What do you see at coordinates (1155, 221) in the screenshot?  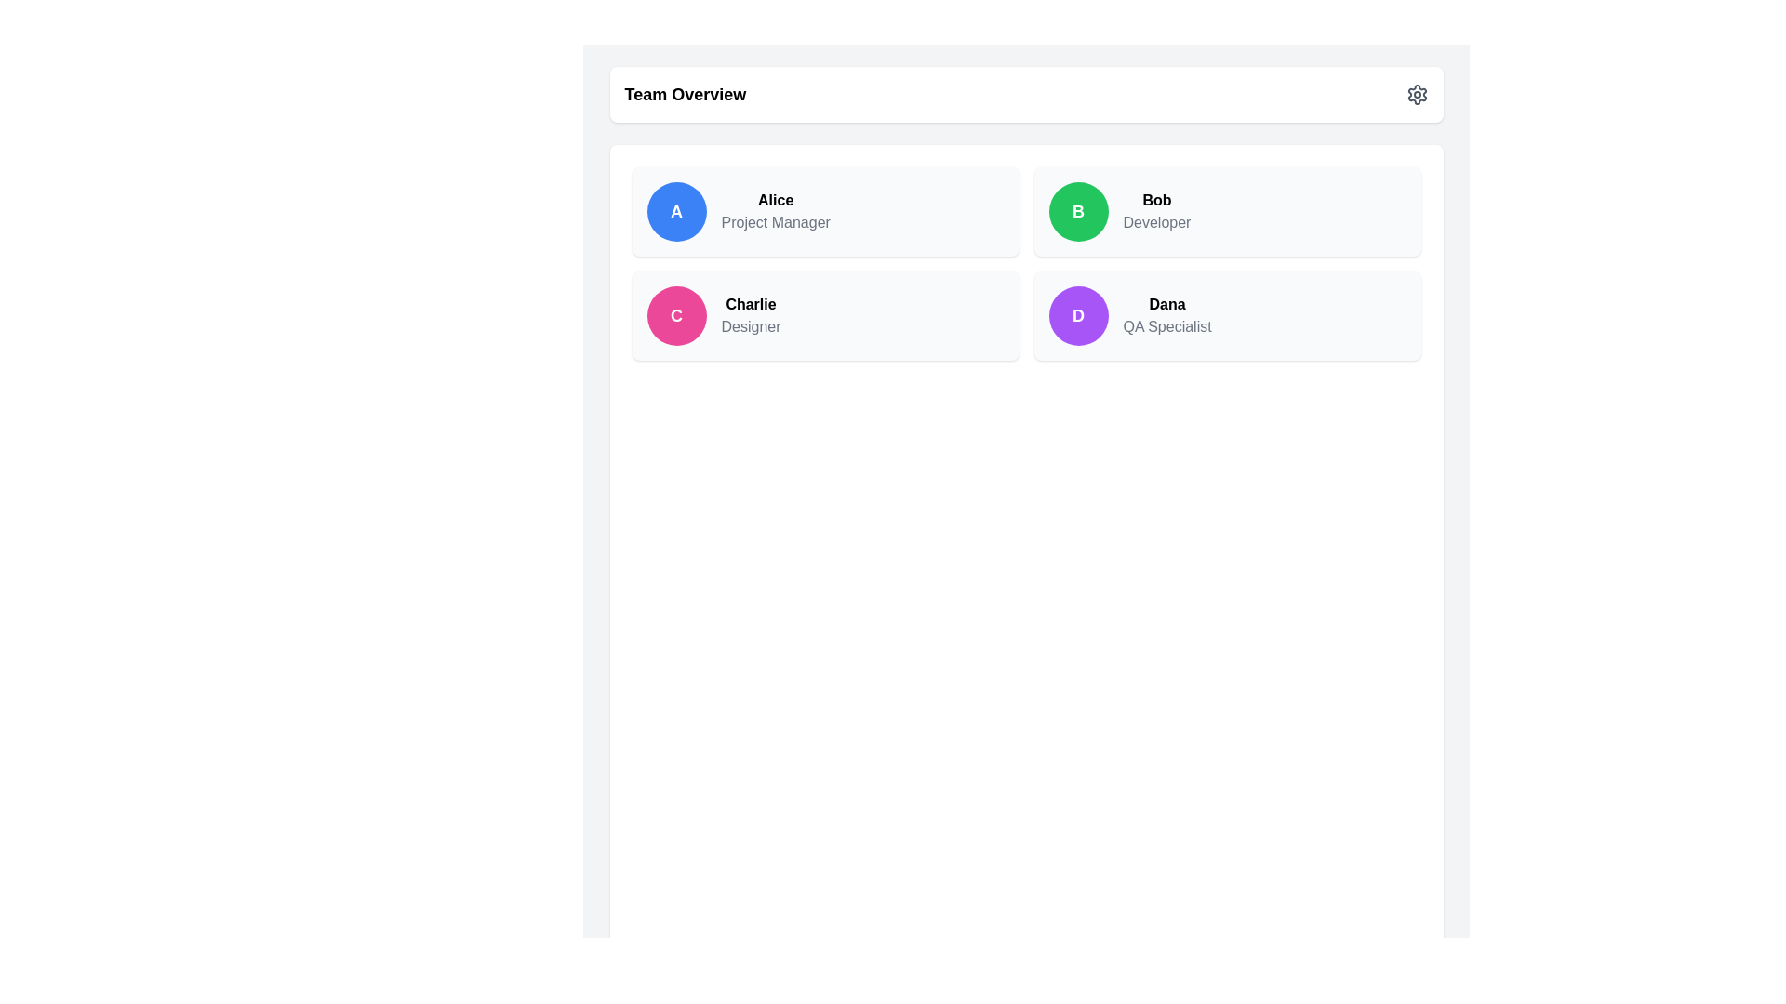 I see `the static text label displaying 'Developer' in gray font, located below 'Bob' in the profile card of the 'Team Overview' interface` at bounding box center [1155, 221].